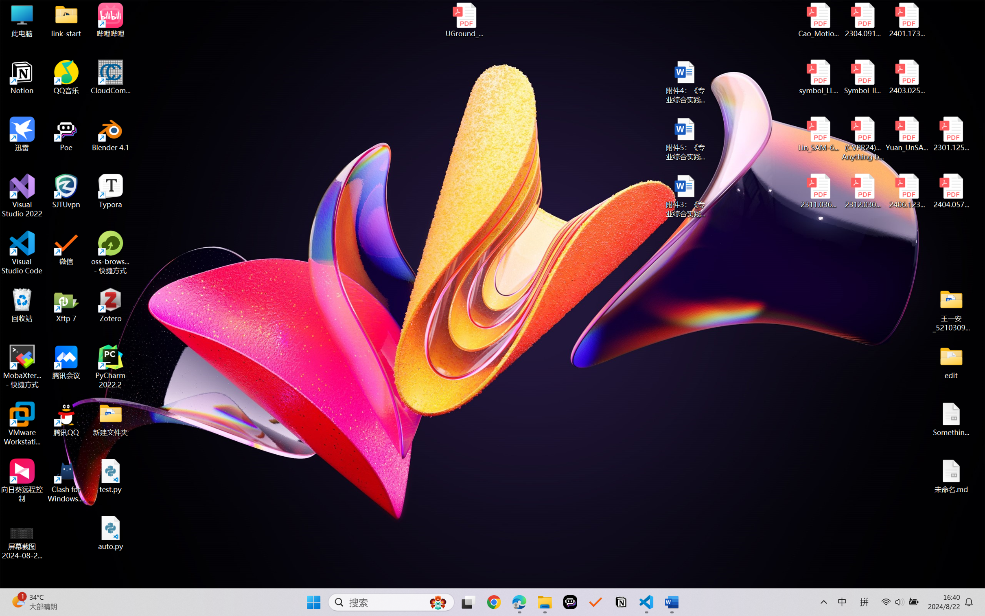 This screenshot has height=616, width=985. Describe the element at coordinates (110, 367) in the screenshot. I see `'PyCharm 2022.2'` at that location.